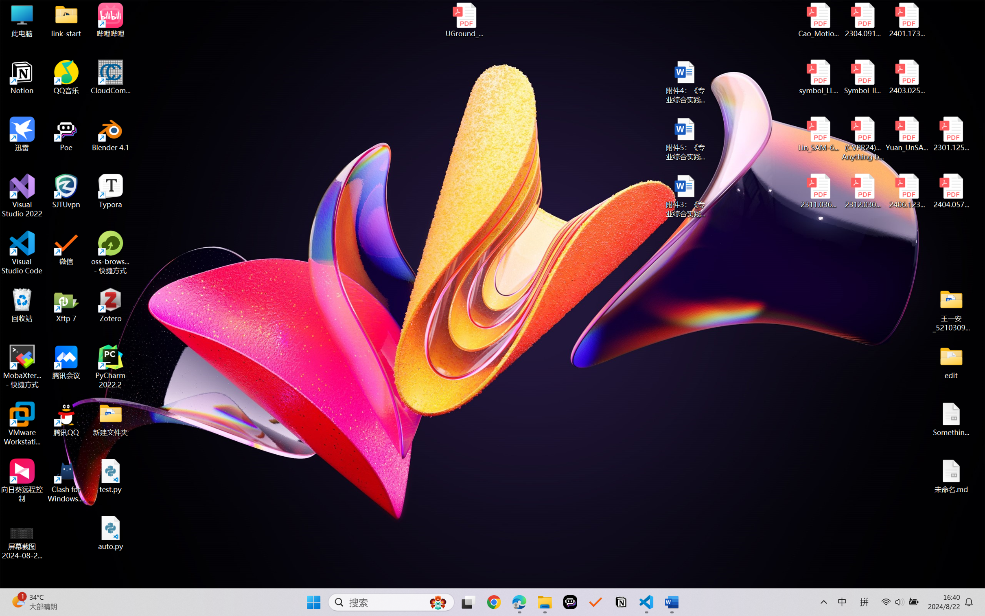 This screenshot has height=616, width=985. Describe the element at coordinates (110, 367) in the screenshot. I see `'PyCharm 2022.2'` at that location.